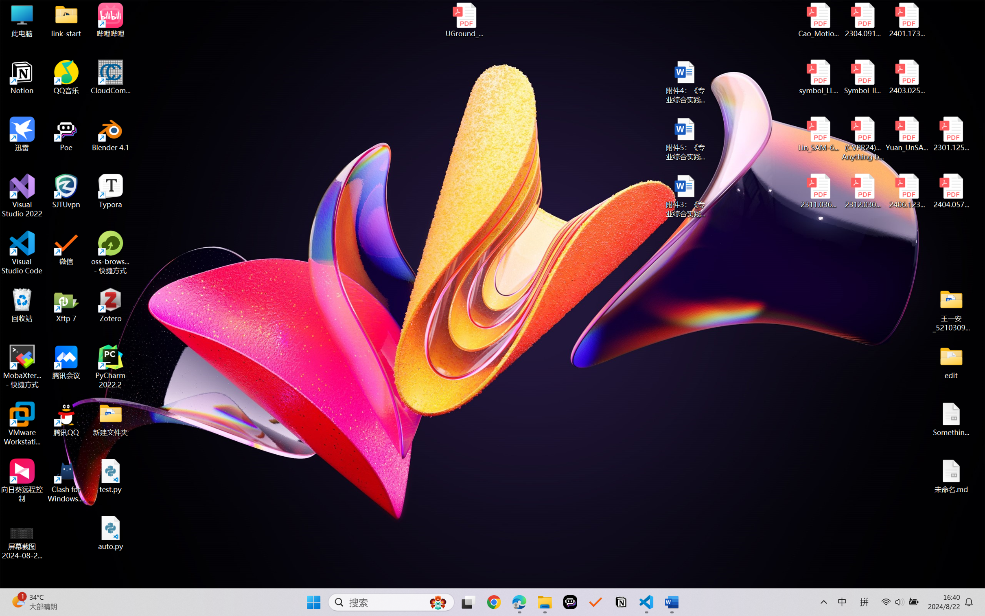 This screenshot has height=616, width=985. Describe the element at coordinates (110, 367) in the screenshot. I see `'PyCharm 2022.2'` at that location.